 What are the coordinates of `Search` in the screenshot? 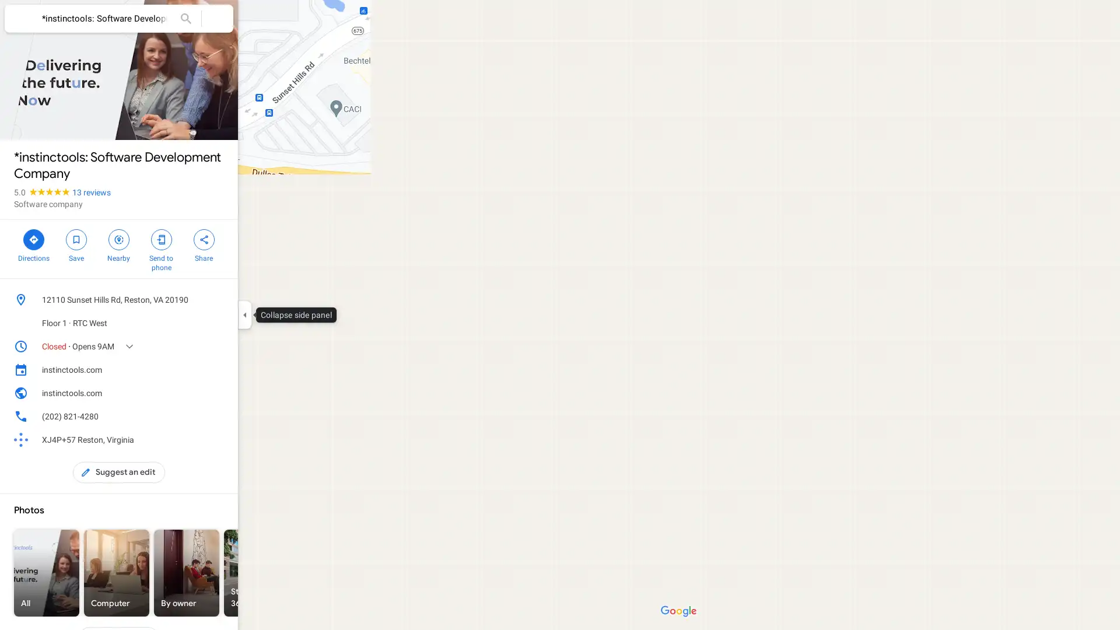 It's located at (185, 18).